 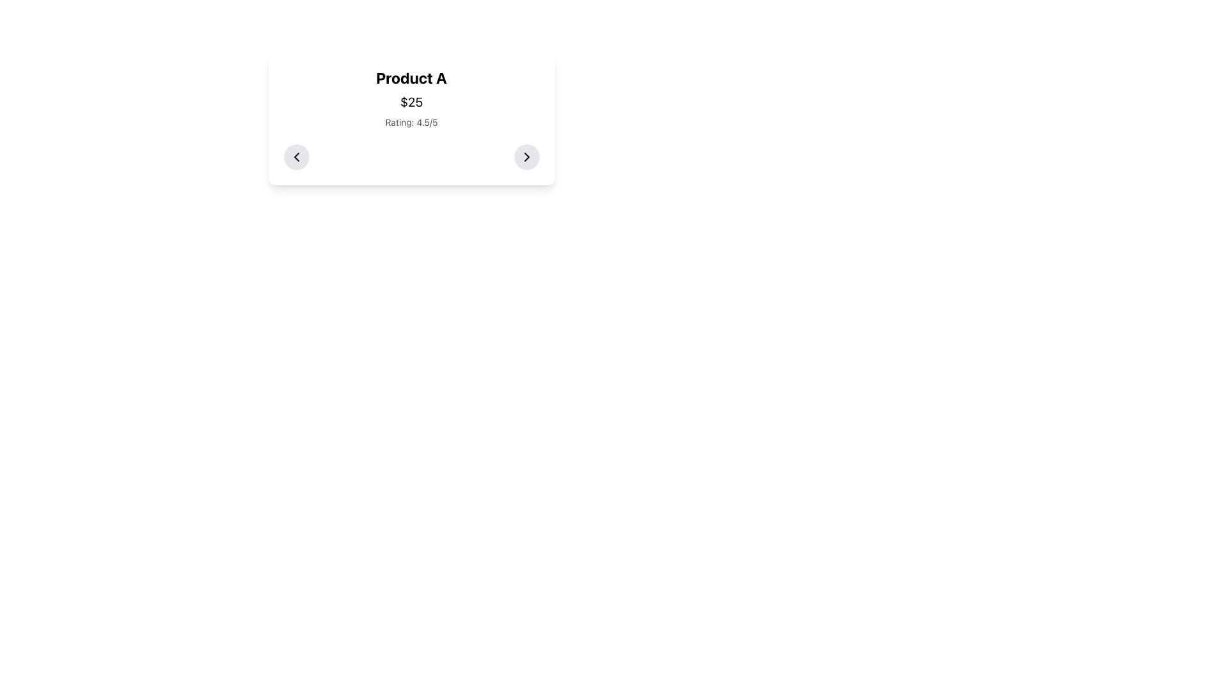 What do you see at coordinates (295, 157) in the screenshot?
I see `the navigational button located on the left side of the navigation component` at bounding box center [295, 157].